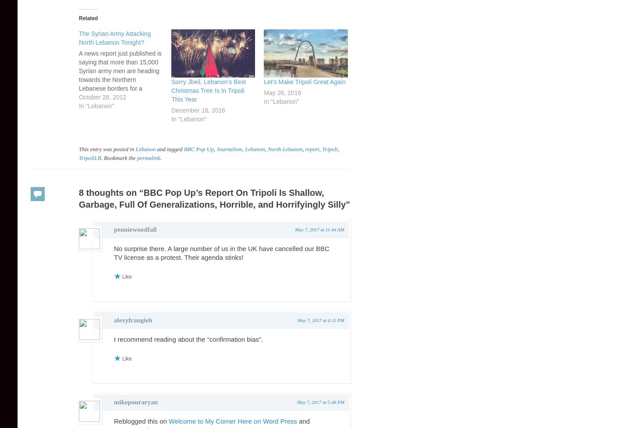 This screenshot has height=428, width=631. Describe the element at coordinates (88, 18) in the screenshot. I see `'Related'` at that location.